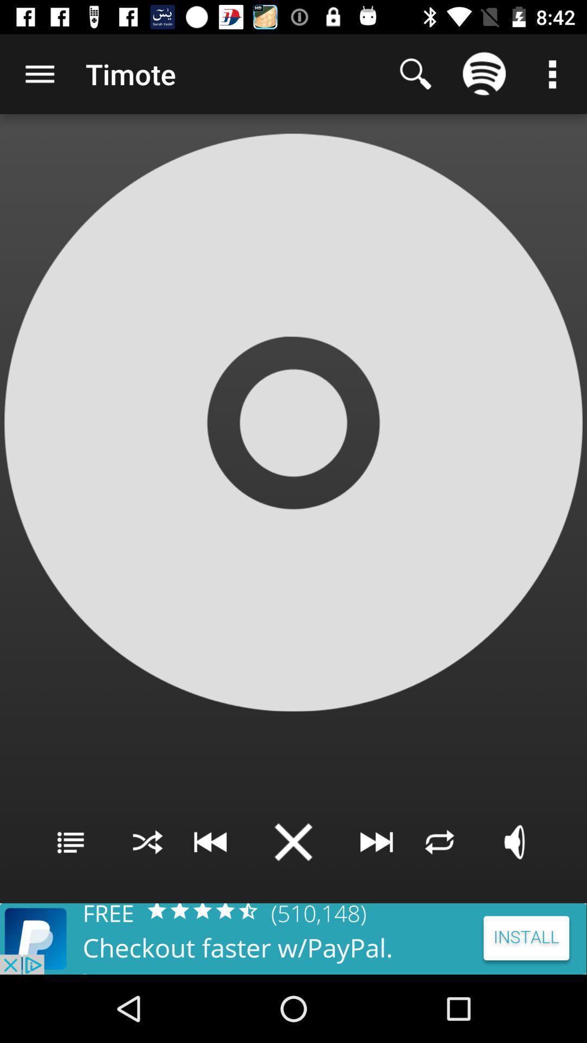 This screenshot has width=587, height=1043. I want to click on the list icon, so click(71, 841).